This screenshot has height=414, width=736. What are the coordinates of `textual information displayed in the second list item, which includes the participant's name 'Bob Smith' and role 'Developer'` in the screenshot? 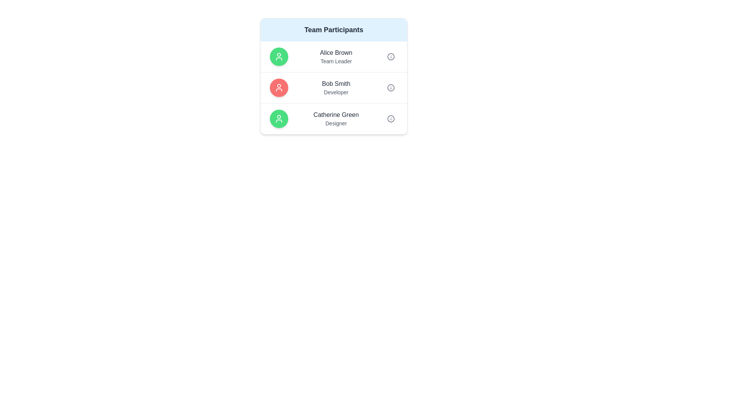 It's located at (333, 87).